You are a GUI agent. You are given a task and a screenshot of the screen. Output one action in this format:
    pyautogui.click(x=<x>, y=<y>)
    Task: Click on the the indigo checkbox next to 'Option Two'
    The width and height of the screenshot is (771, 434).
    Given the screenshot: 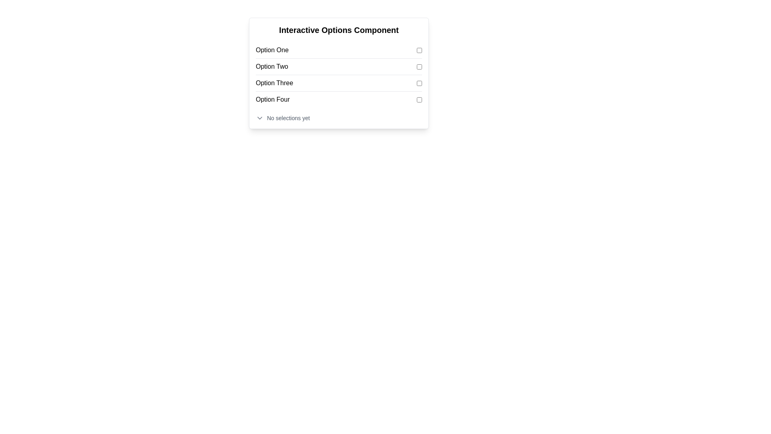 What is the action you would take?
    pyautogui.click(x=419, y=66)
    